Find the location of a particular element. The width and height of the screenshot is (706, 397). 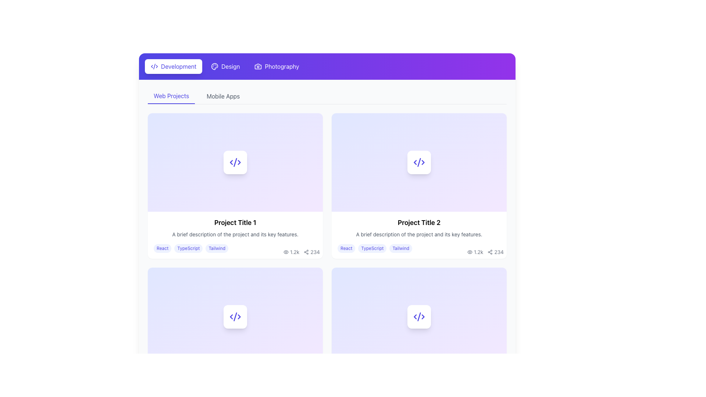

the 'TypeScript' label, which is the second element in a horizontal list of technology tags under the card titled 'Project Title 1' is located at coordinates (188, 248).